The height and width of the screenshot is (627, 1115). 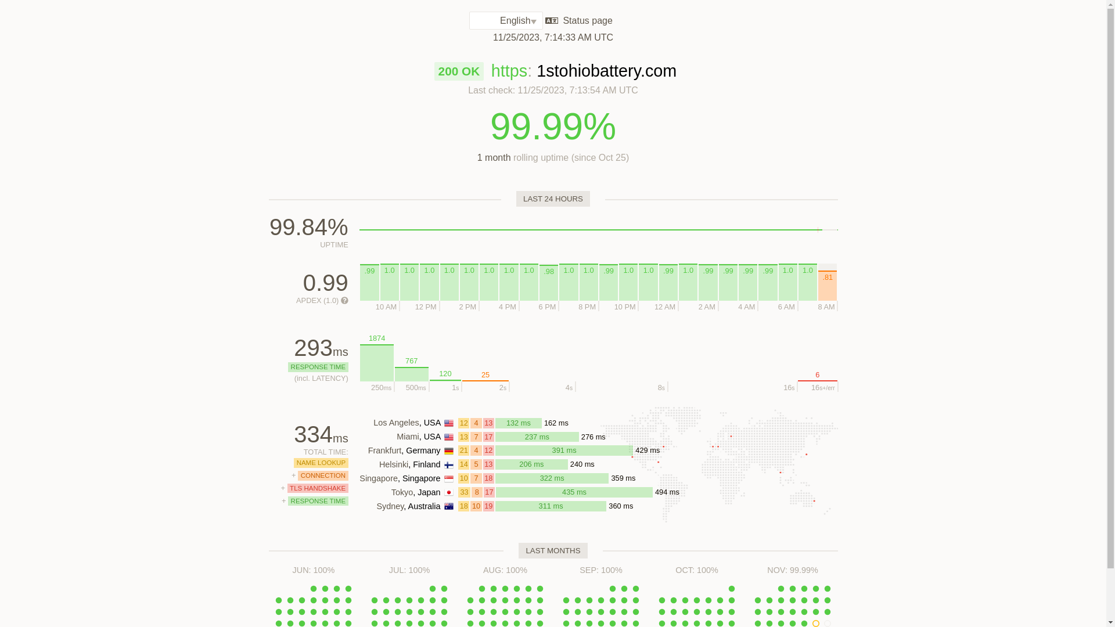 I want to click on '<small>Jun 08:</small> No downtime', so click(x=313, y=600).